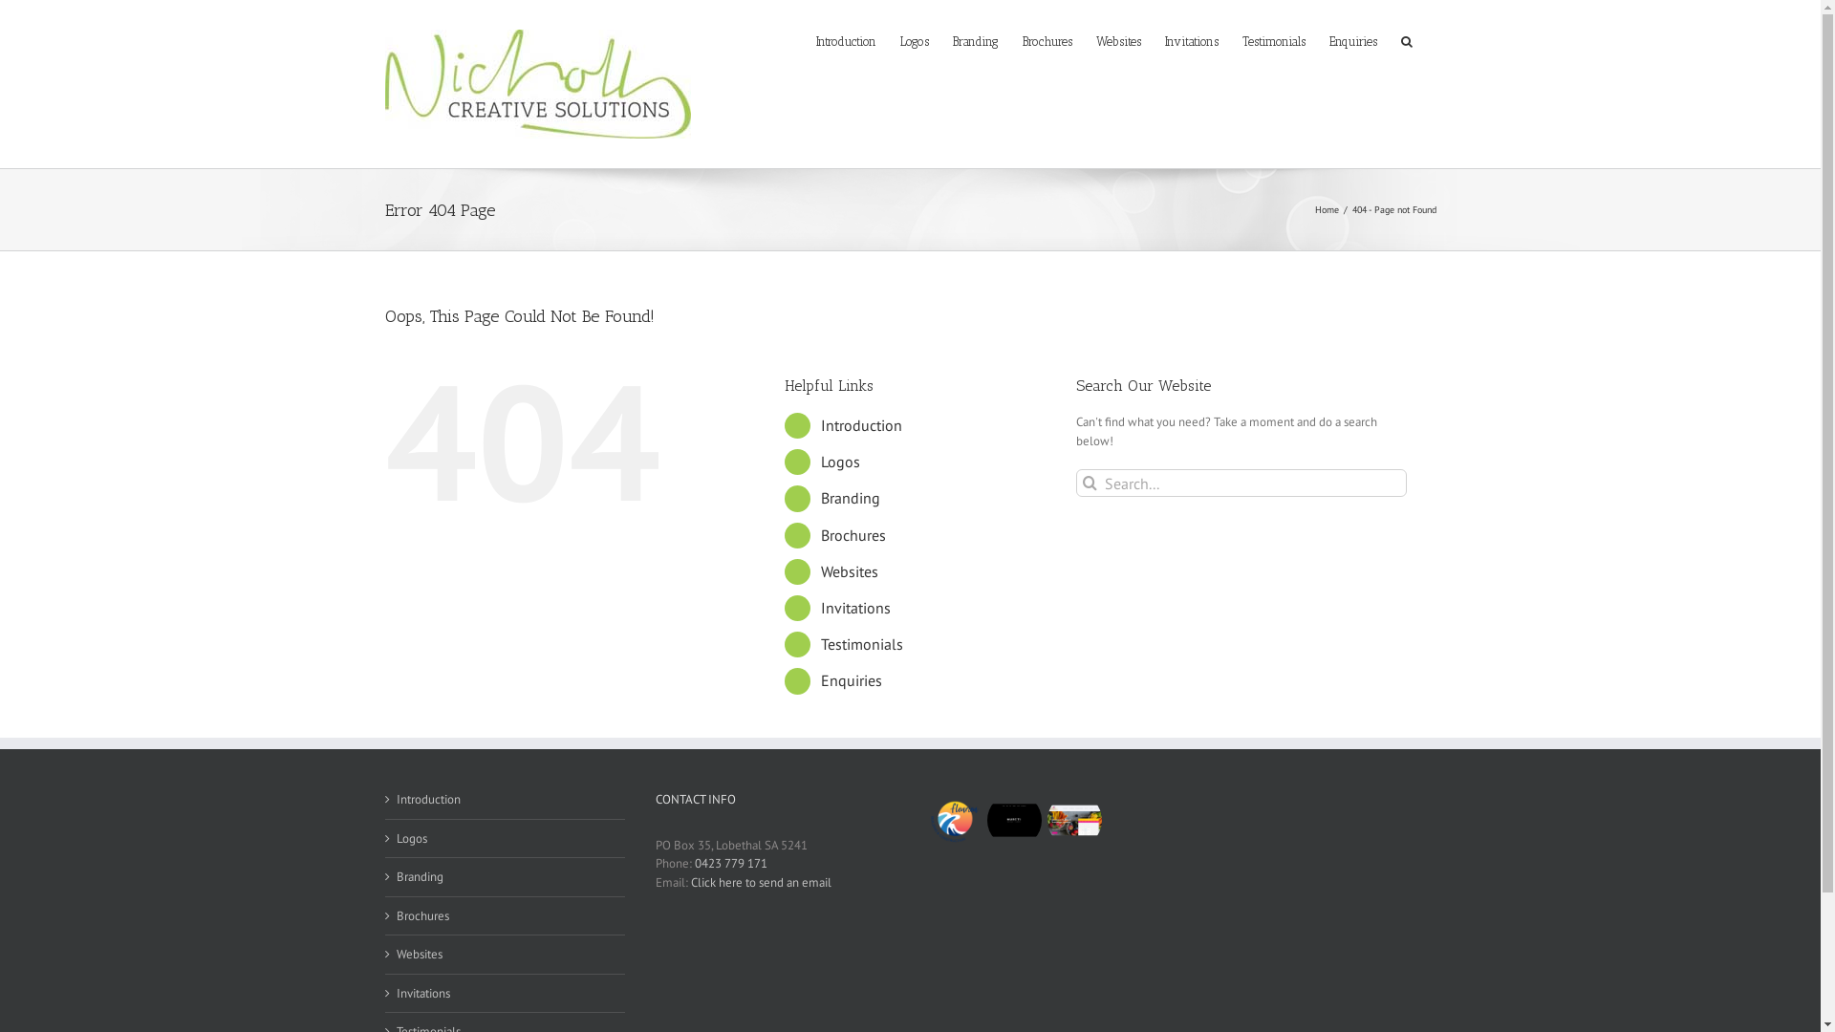 This screenshot has height=1032, width=1835. What do you see at coordinates (505, 877) in the screenshot?
I see `'Branding'` at bounding box center [505, 877].